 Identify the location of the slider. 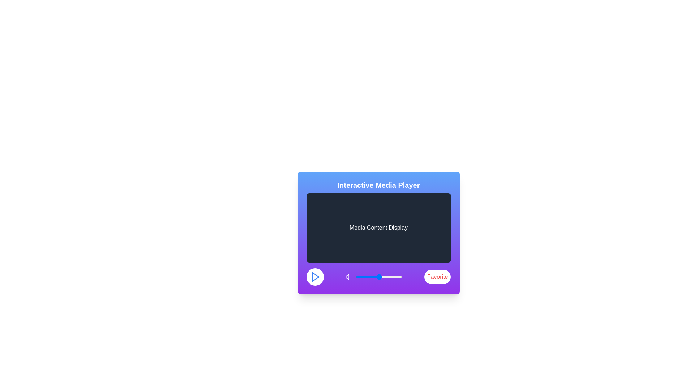
(380, 277).